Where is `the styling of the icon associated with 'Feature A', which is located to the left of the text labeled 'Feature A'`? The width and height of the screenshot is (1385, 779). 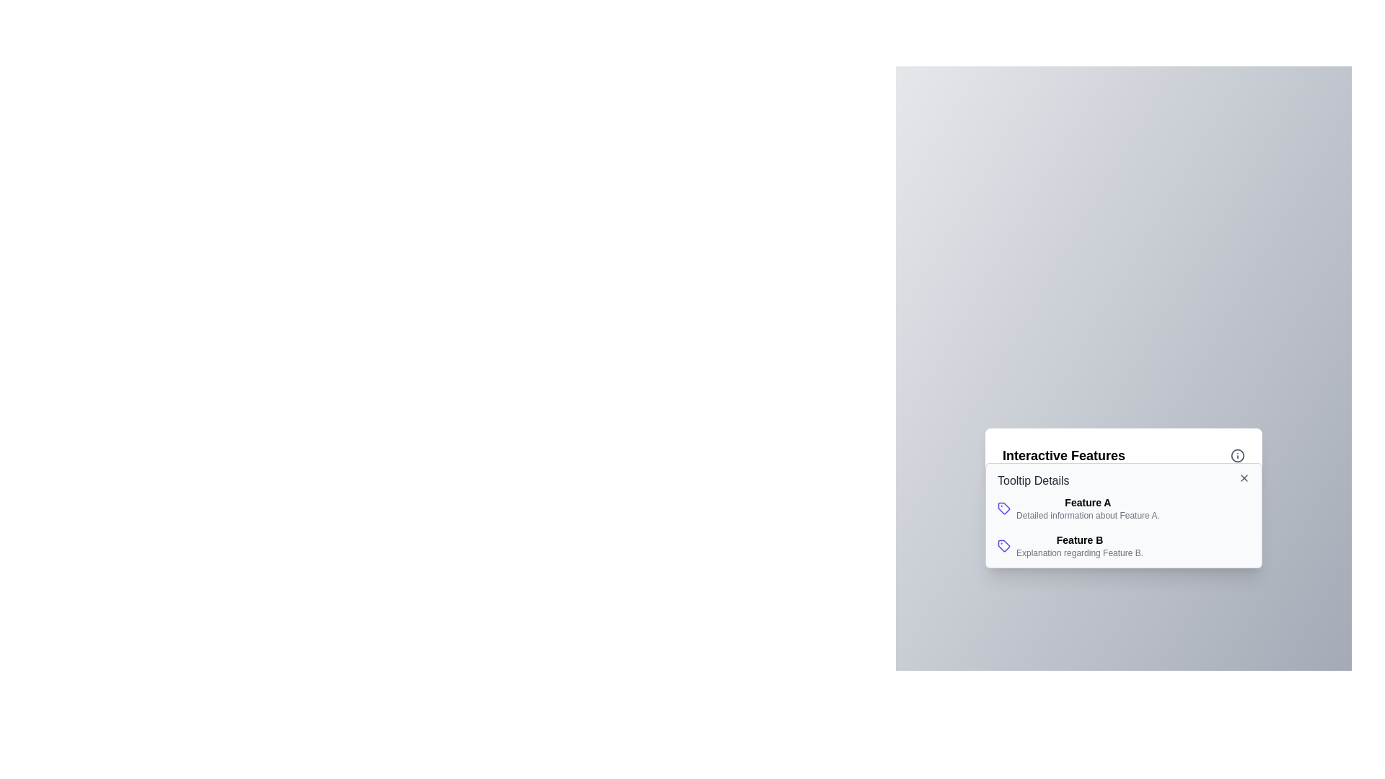
the styling of the icon associated with 'Feature A', which is located to the left of the text labeled 'Feature A' is located at coordinates (1003, 508).